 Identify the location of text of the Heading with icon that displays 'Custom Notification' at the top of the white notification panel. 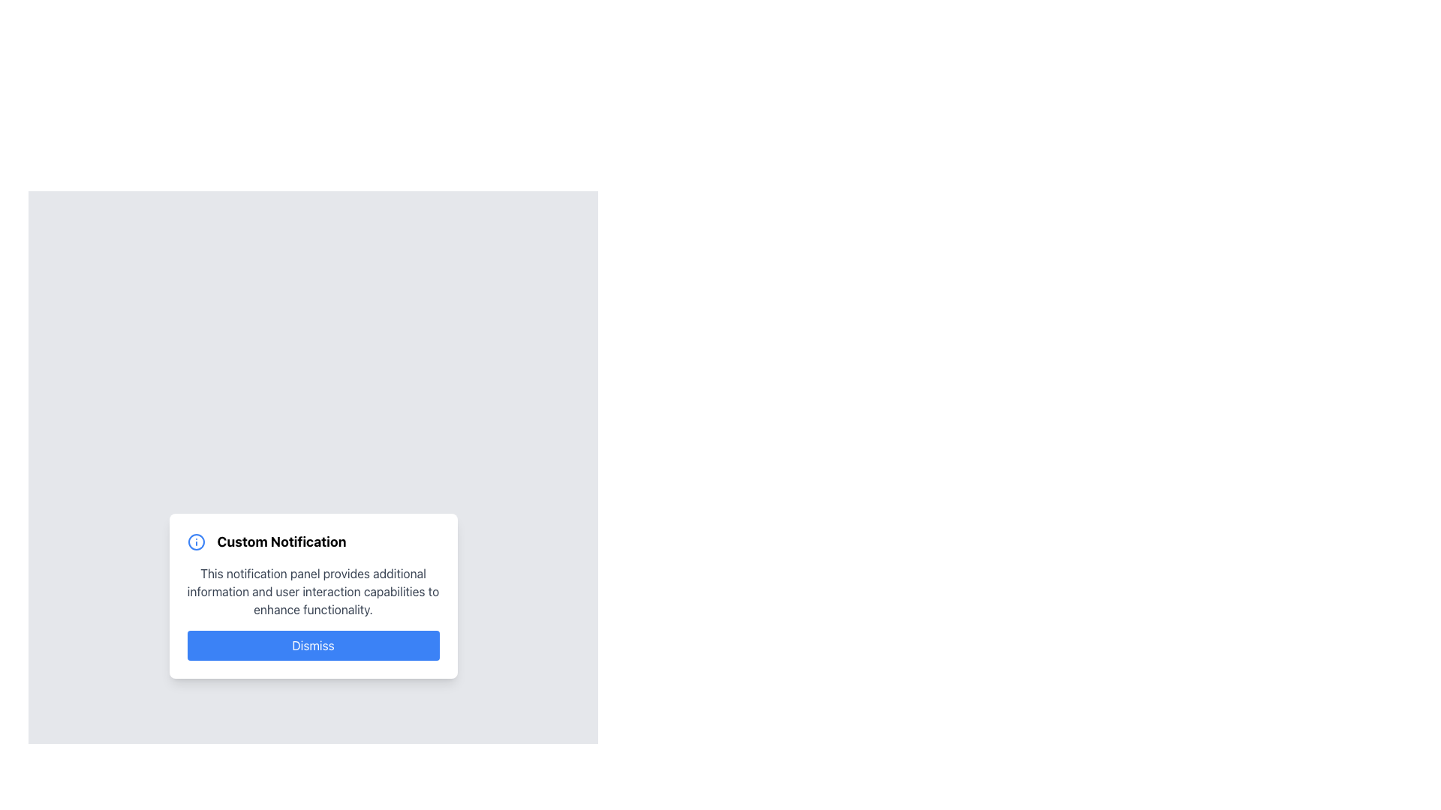
(312, 541).